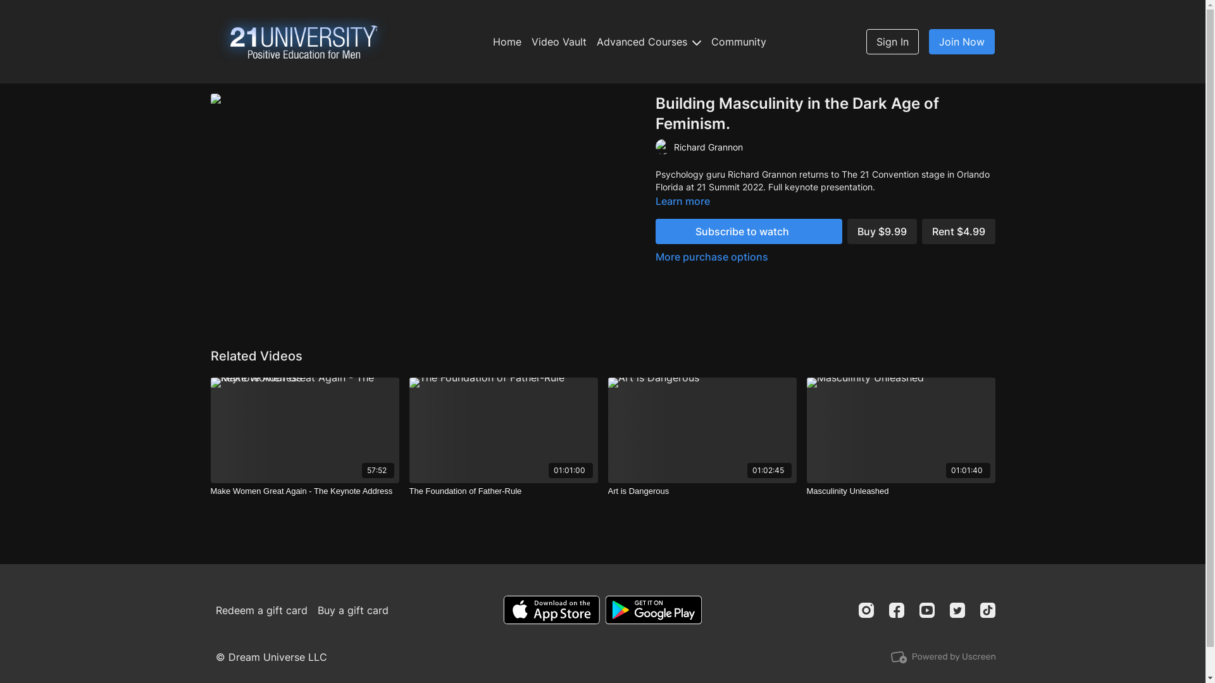 This screenshot has height=683, width=1215. I want to click on 'Sign In', so click(892, 41).